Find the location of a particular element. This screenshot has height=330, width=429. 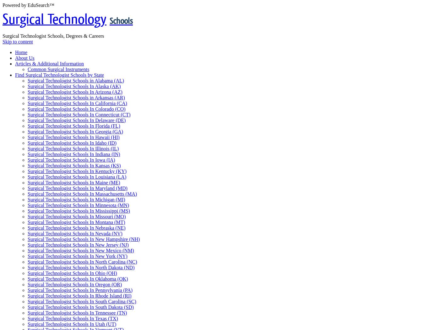

'Surgical Technologist Schools In Kentucky (KY)' is located at coordinates (77, 171).